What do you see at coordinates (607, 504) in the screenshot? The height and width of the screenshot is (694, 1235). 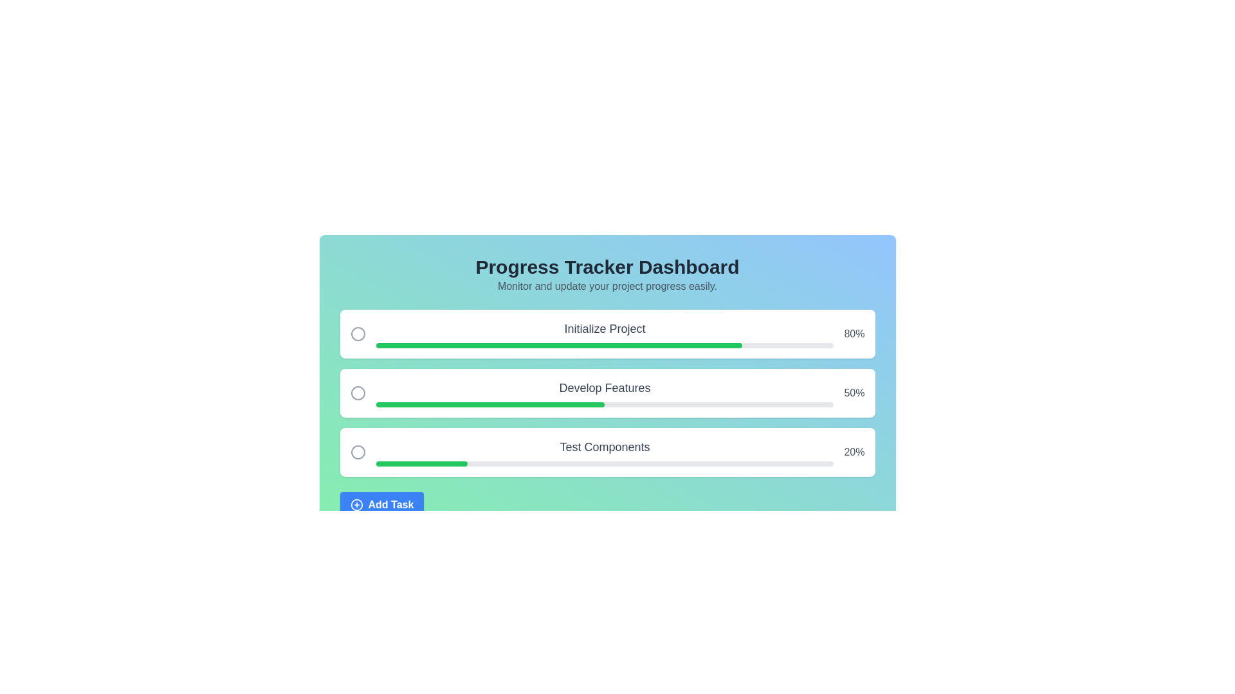 I see `the button located at the bottom-center of the dashboard interface that allows users to add a new task to the progress tracker` at bounding box center [607, 504].